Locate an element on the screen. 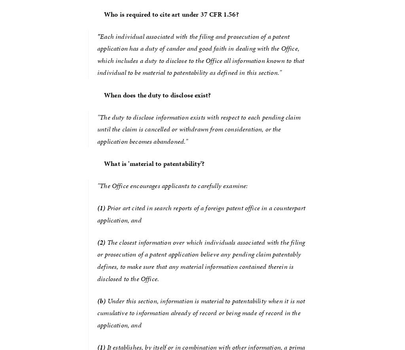 The height and width of the screenshot is (350, 405). 'Each individual associated with the filing and prosecution of a patent application has a duty of candor and good faith in dealing with the Office, which includes a duty to disclose to the Office all information known to that individual to be material to patentability as defined in this section."' is located at coordinates (201, 54).